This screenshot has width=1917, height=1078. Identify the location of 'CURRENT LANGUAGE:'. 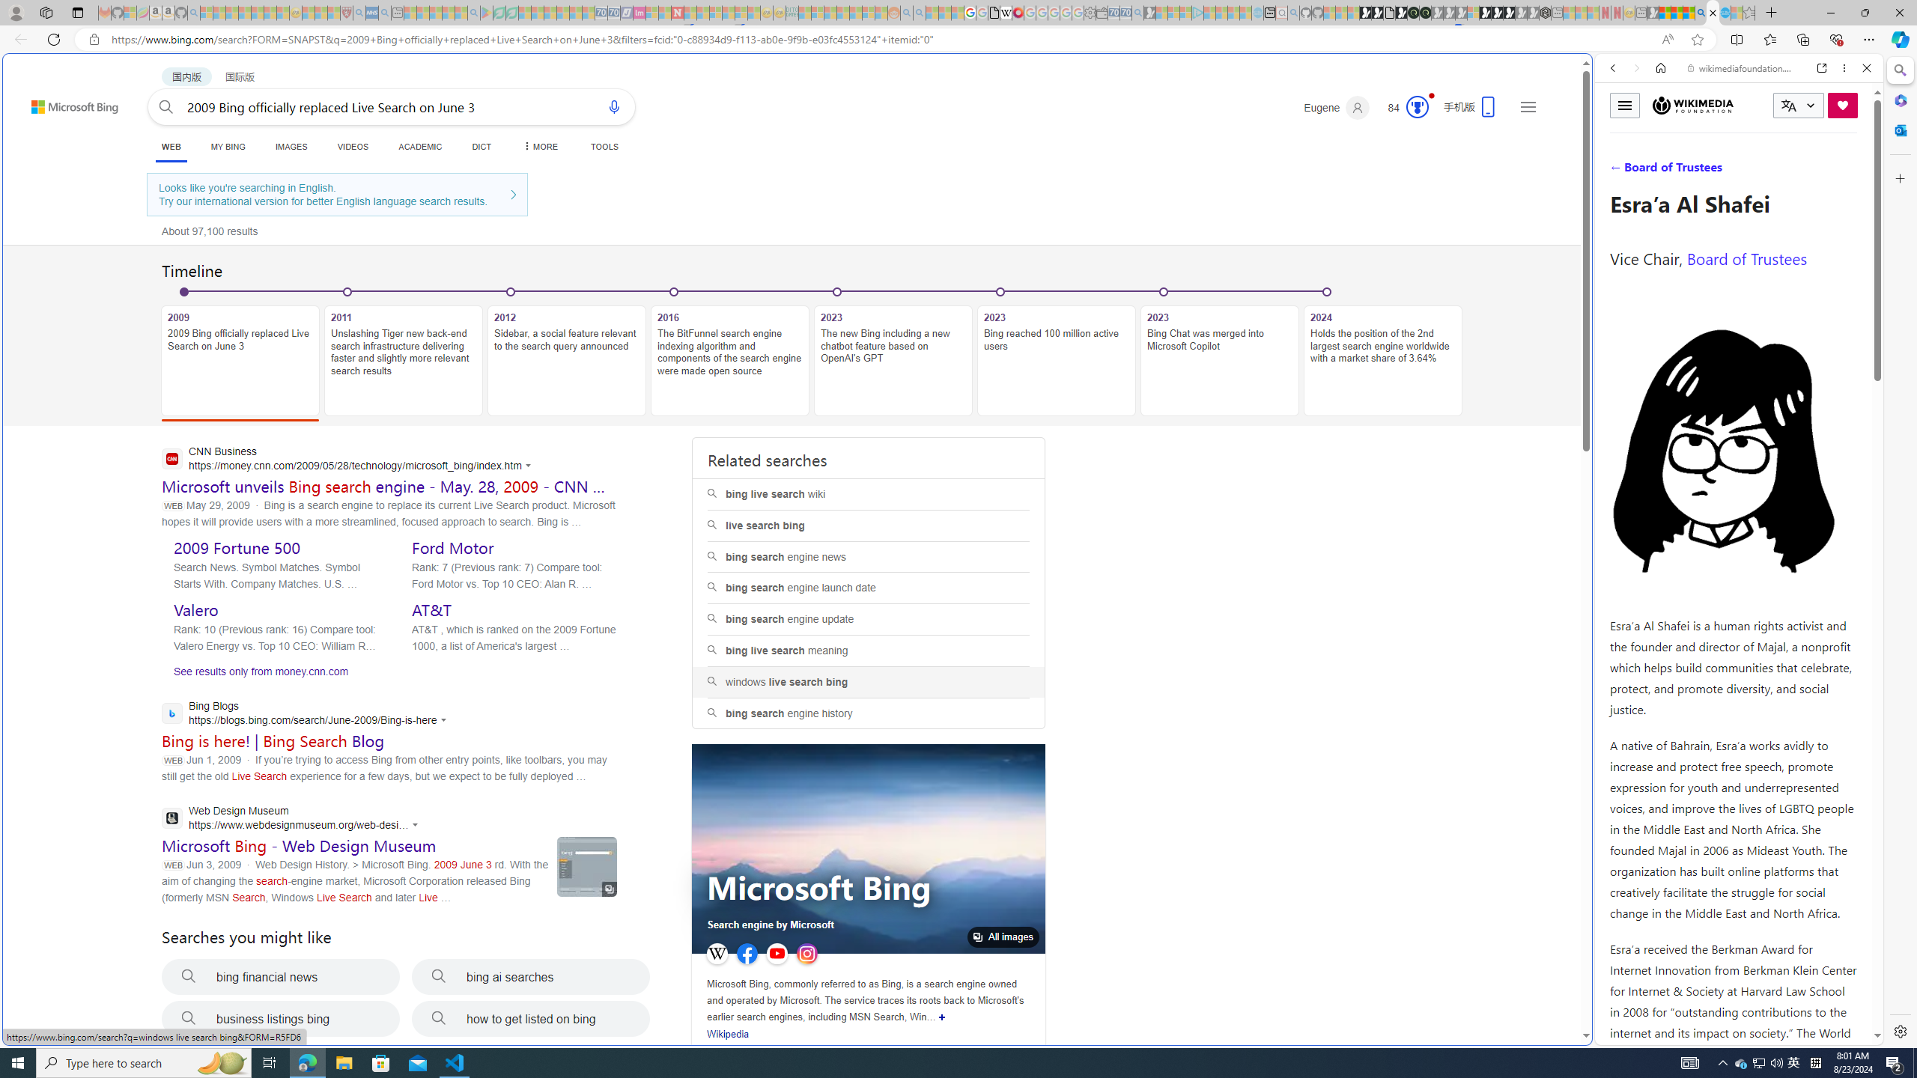
(1798, 106).